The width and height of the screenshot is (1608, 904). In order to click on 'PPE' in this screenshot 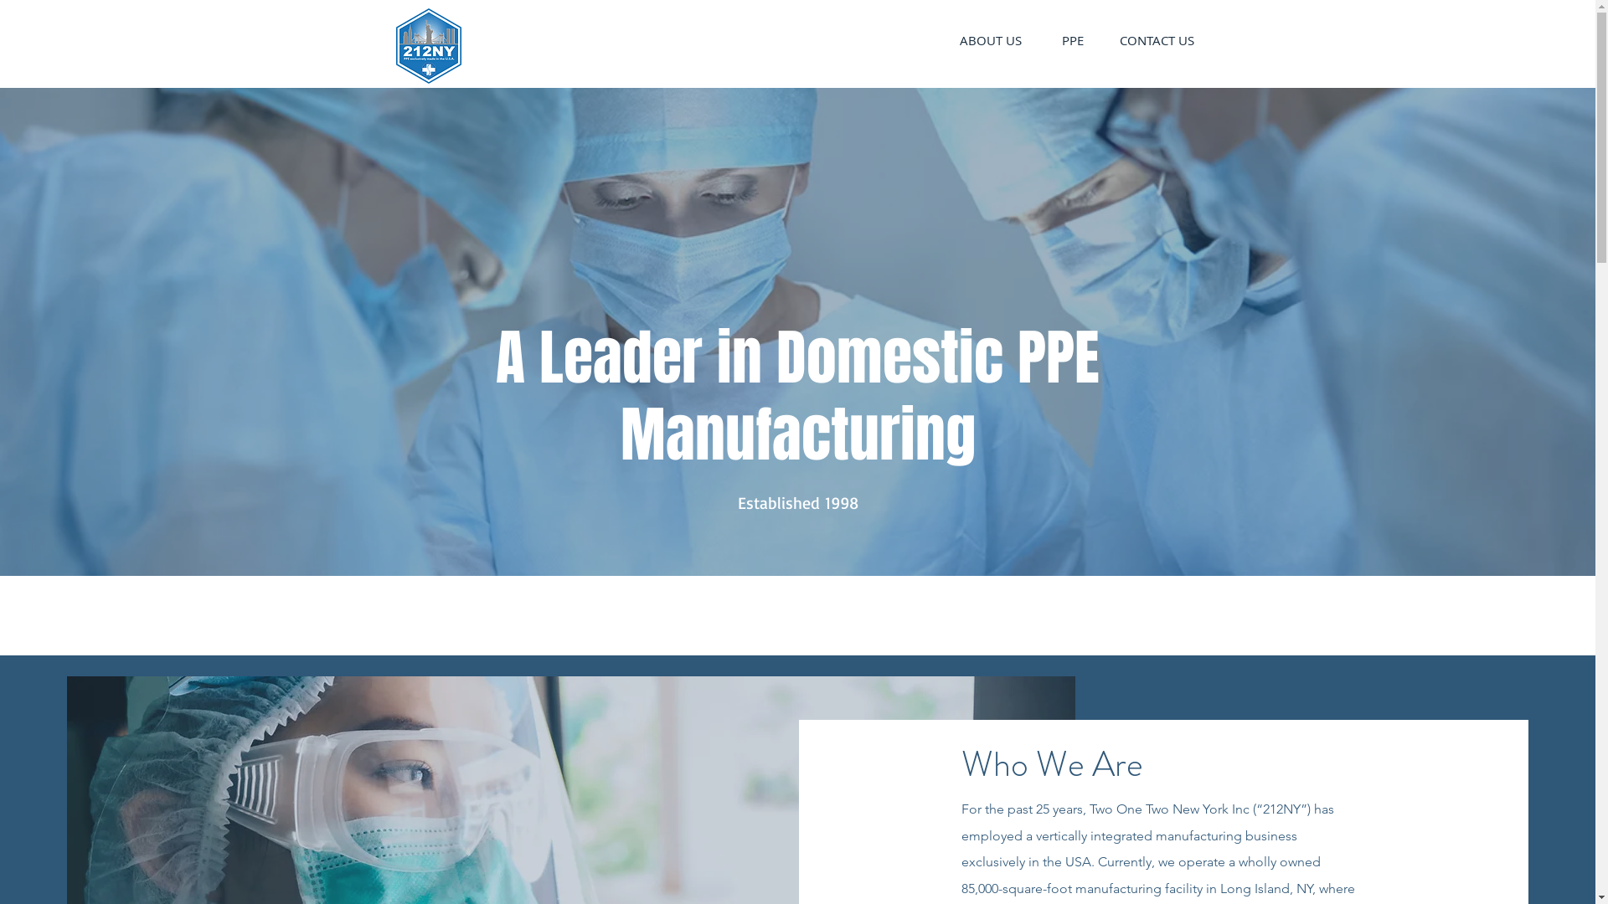, I will do `click(1072, 39)`.